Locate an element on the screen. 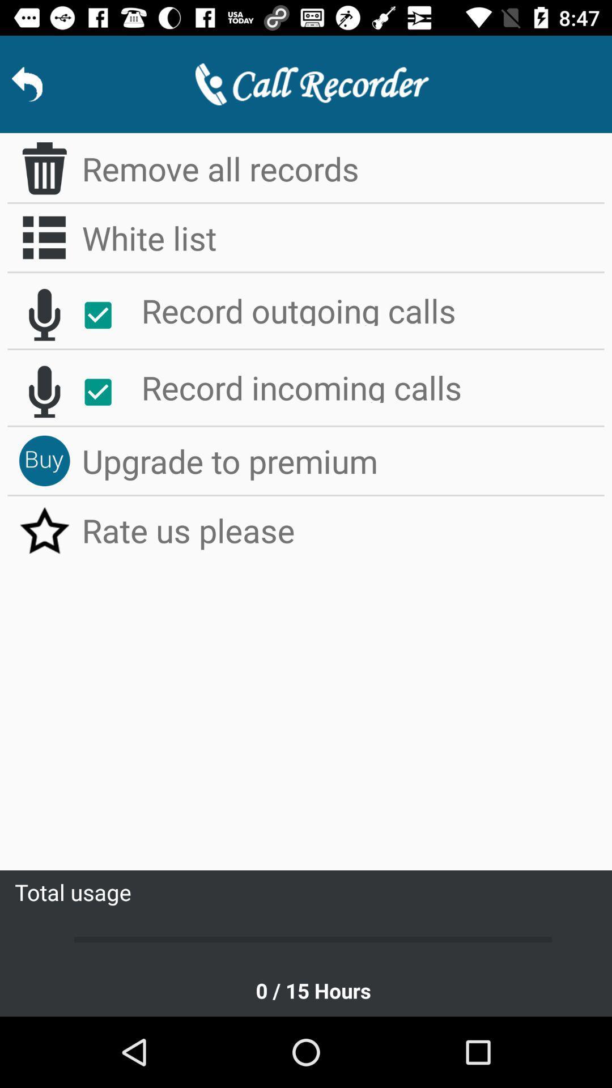 Image resolution: width=612 pixels, height=1088 pixels. white list icon is located at coordinates (342, 237).